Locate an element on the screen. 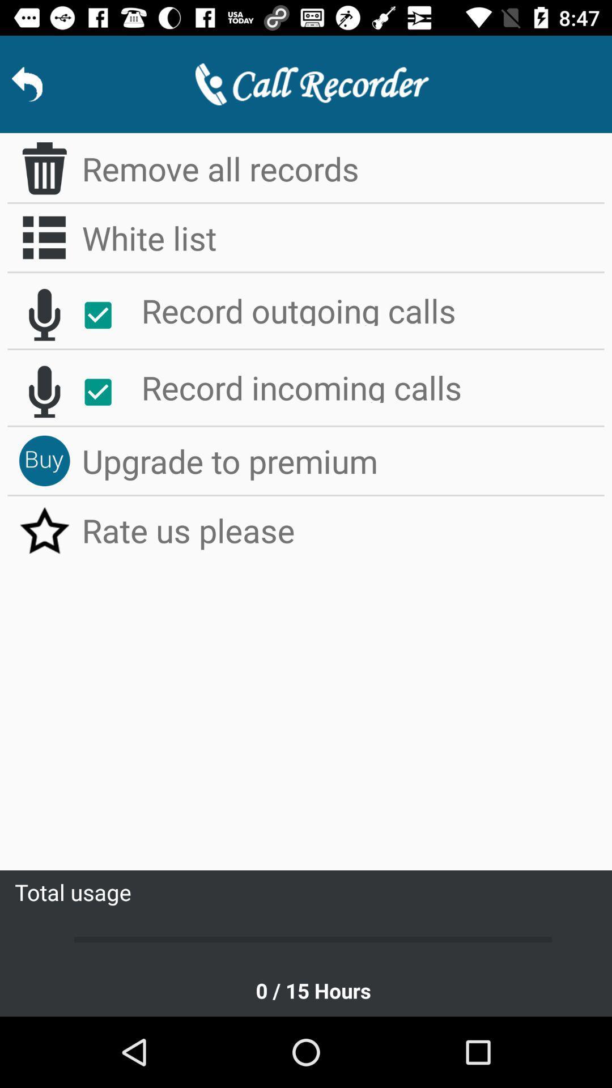 Image resolution: width=612 pixels, height=1088 pixels. white list icon is located at coordinates (342, 237).